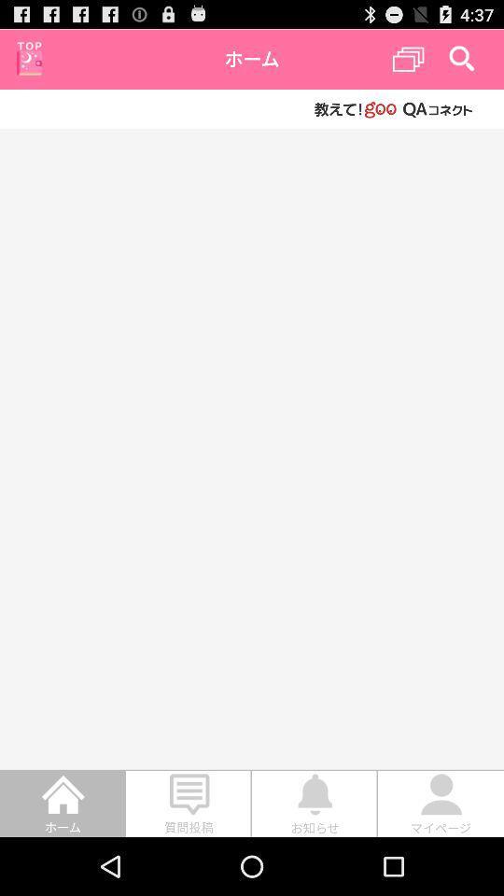 The image size is (504, 896). I want to click on the copy icon, so click(407, 63).